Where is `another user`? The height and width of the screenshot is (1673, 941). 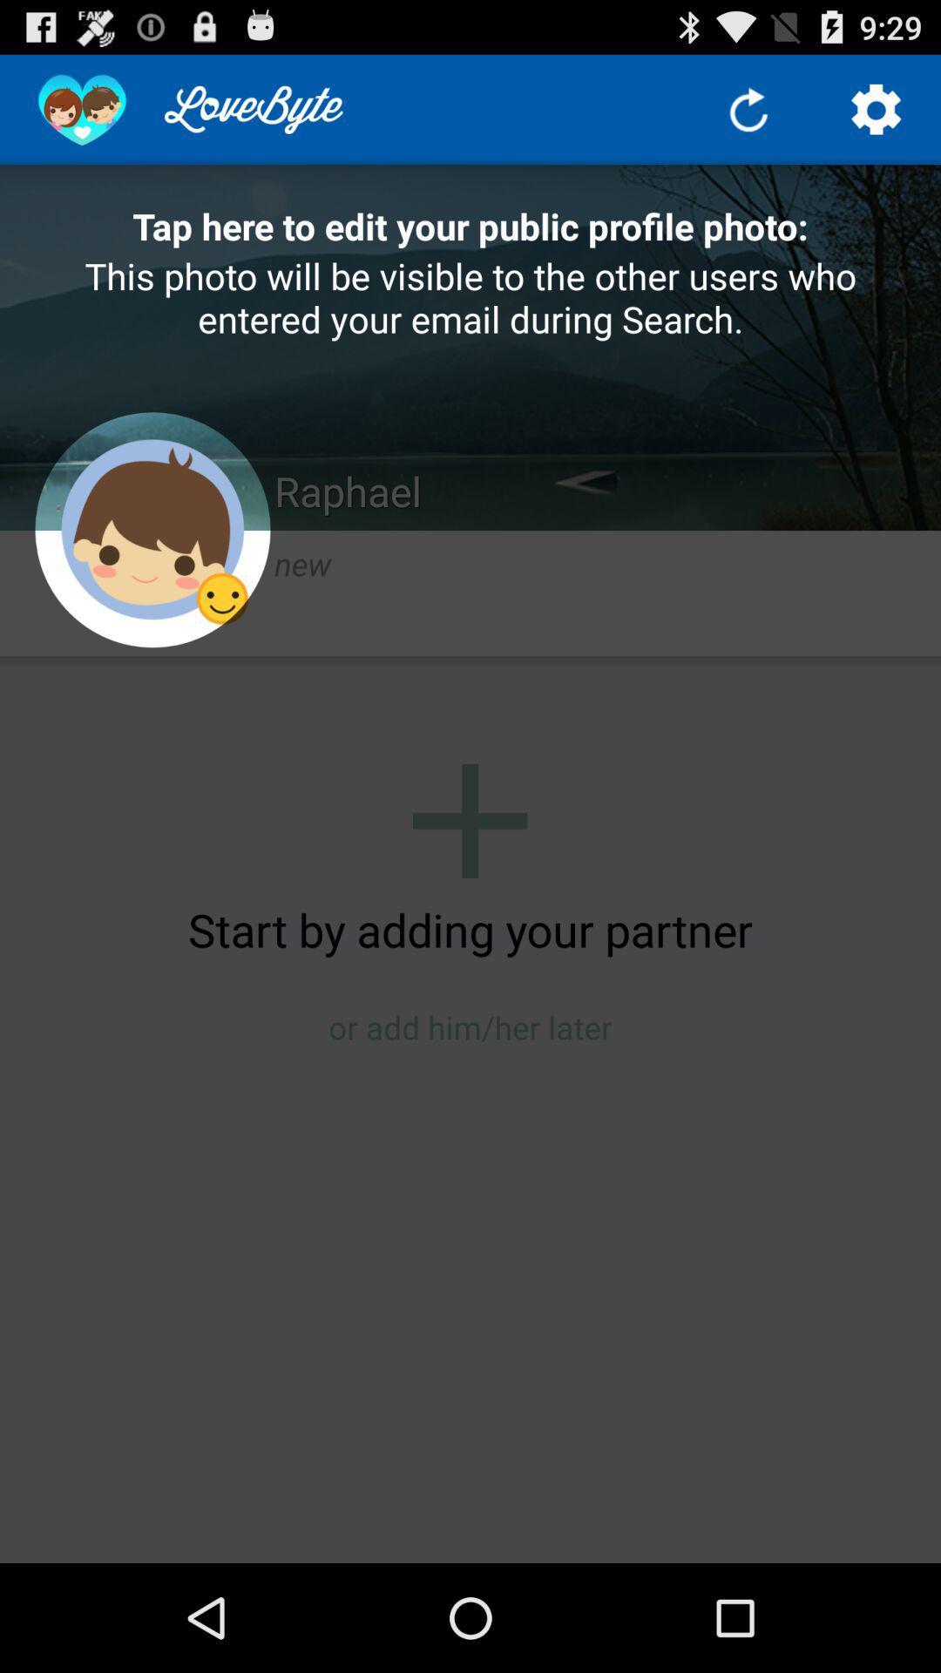 another user is located at coordinates (469, 820).